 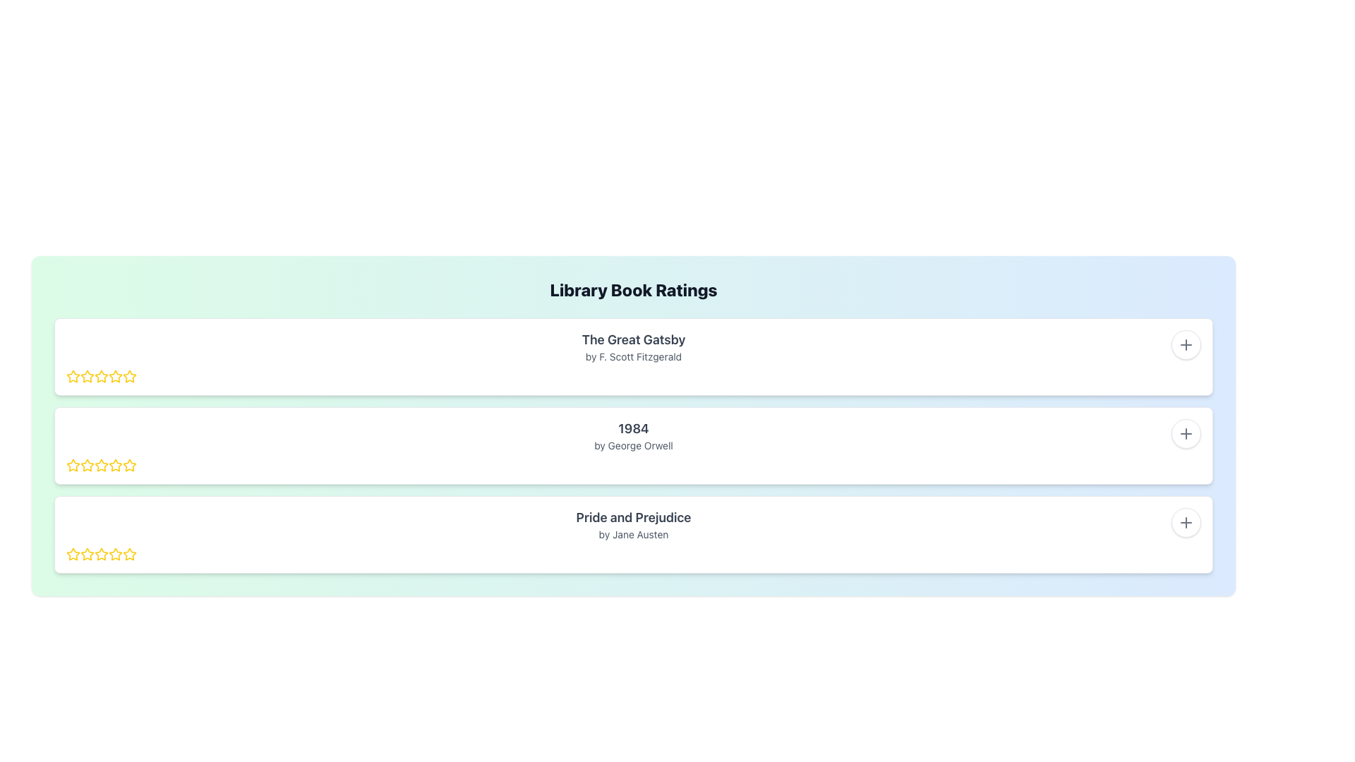 What do you see at coordinates (115, 375) in the screenshot?
I see `the second star in the rating system associated with 'The Great Gatsby'` at bounding box center [115, 375].